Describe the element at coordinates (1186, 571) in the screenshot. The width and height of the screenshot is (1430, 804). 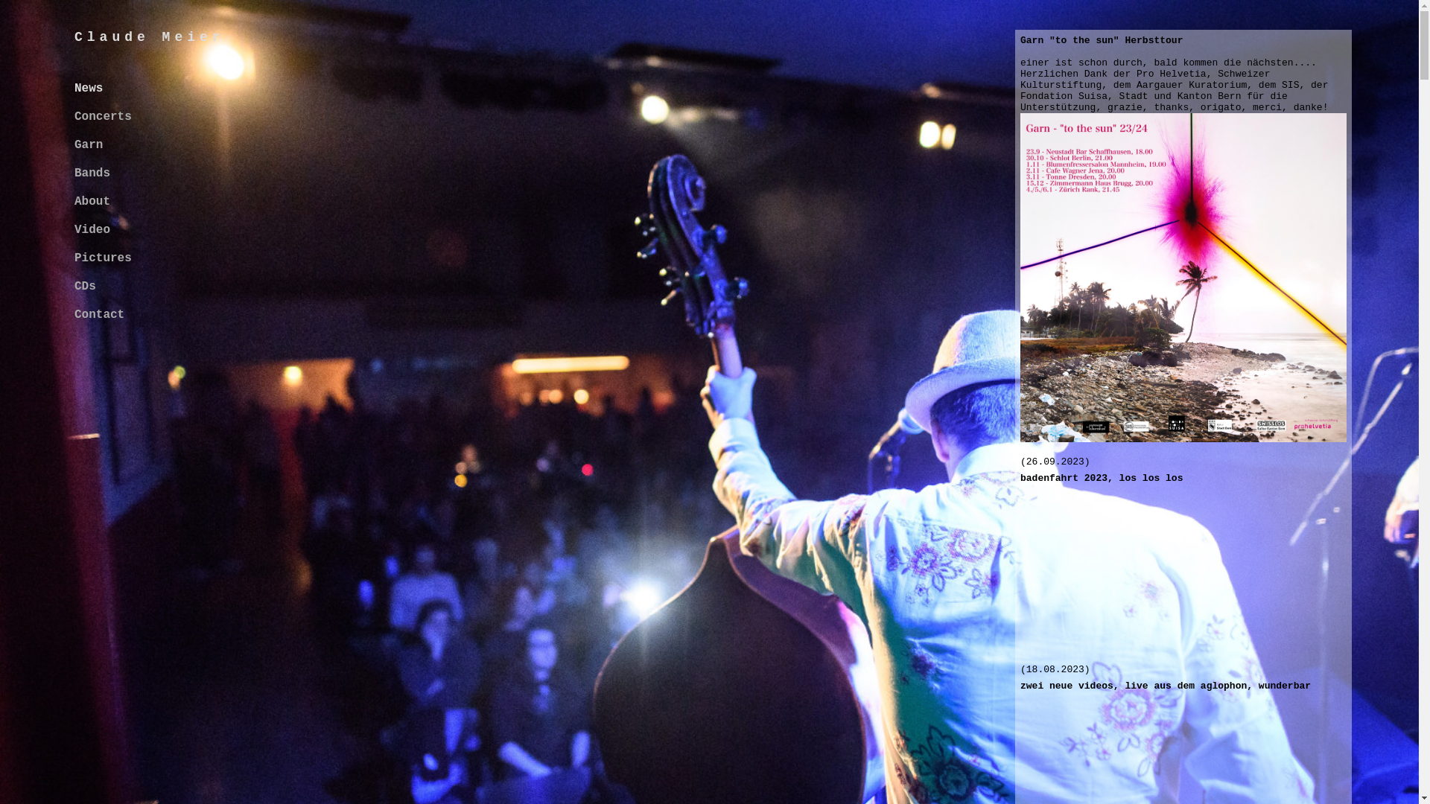
I see `'YouTube video player'` at that location.